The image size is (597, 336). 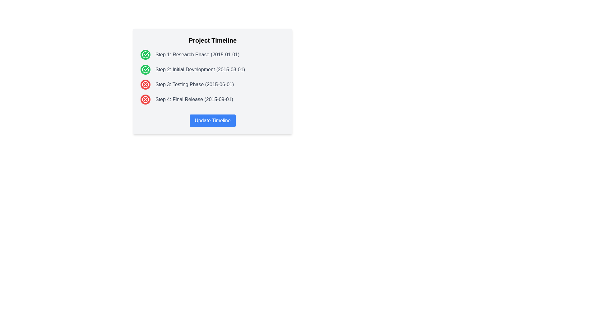 What do you see at coordinates (213, 54) in the screenshot?
I see `the first list item component in the 'Project Timeline' section, which contains a green circular icon with a check mark and the text 'Step 1: Research Phase (2015-01-01)'` at bounding box center [213, 54].